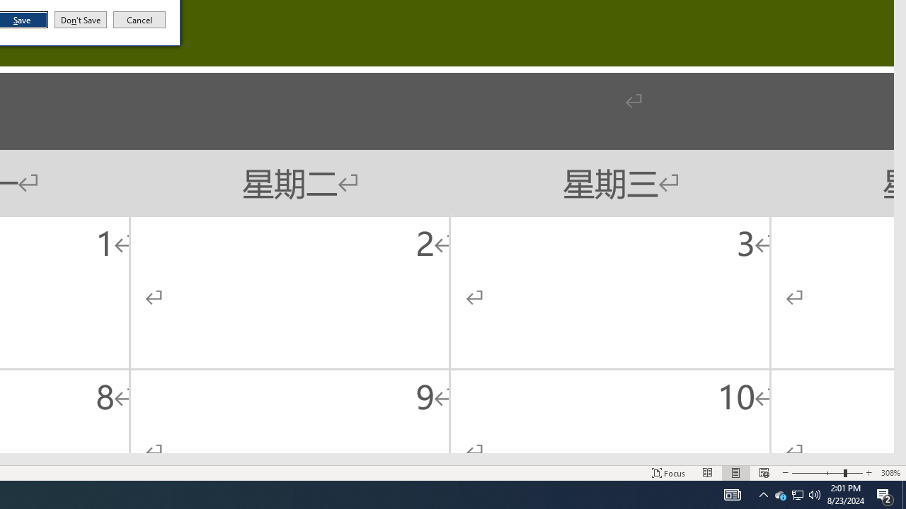 This screenshot has height=509, width=906. What do you see at coordinates (763, 473) in the screenshot?
I see `'Zoom Out'` at bounding box center [763, 473].